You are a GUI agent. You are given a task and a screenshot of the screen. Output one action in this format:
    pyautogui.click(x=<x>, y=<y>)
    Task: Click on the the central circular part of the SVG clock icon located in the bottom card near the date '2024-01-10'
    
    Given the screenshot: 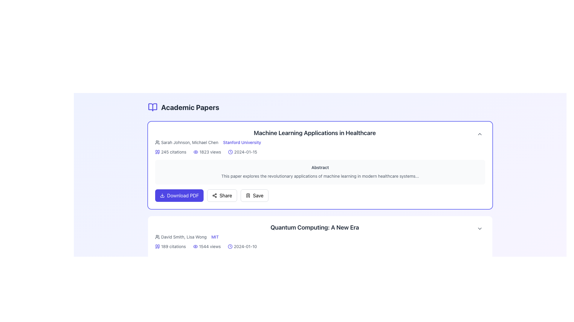 What is the action you would take?
    pyautogui.click(x=230, y=246)
    